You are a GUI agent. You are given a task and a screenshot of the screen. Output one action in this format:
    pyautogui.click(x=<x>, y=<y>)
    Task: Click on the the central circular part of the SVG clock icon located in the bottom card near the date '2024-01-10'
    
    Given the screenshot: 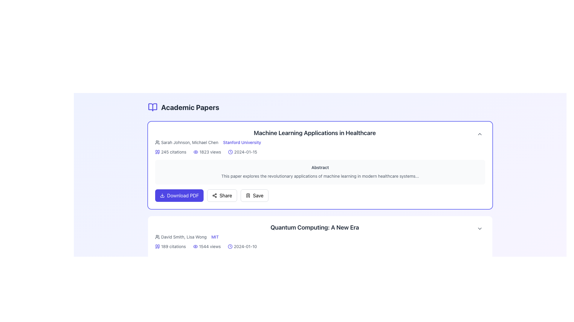 What is the action you would take?
    pyautogui.click(x=230, y=246)
    